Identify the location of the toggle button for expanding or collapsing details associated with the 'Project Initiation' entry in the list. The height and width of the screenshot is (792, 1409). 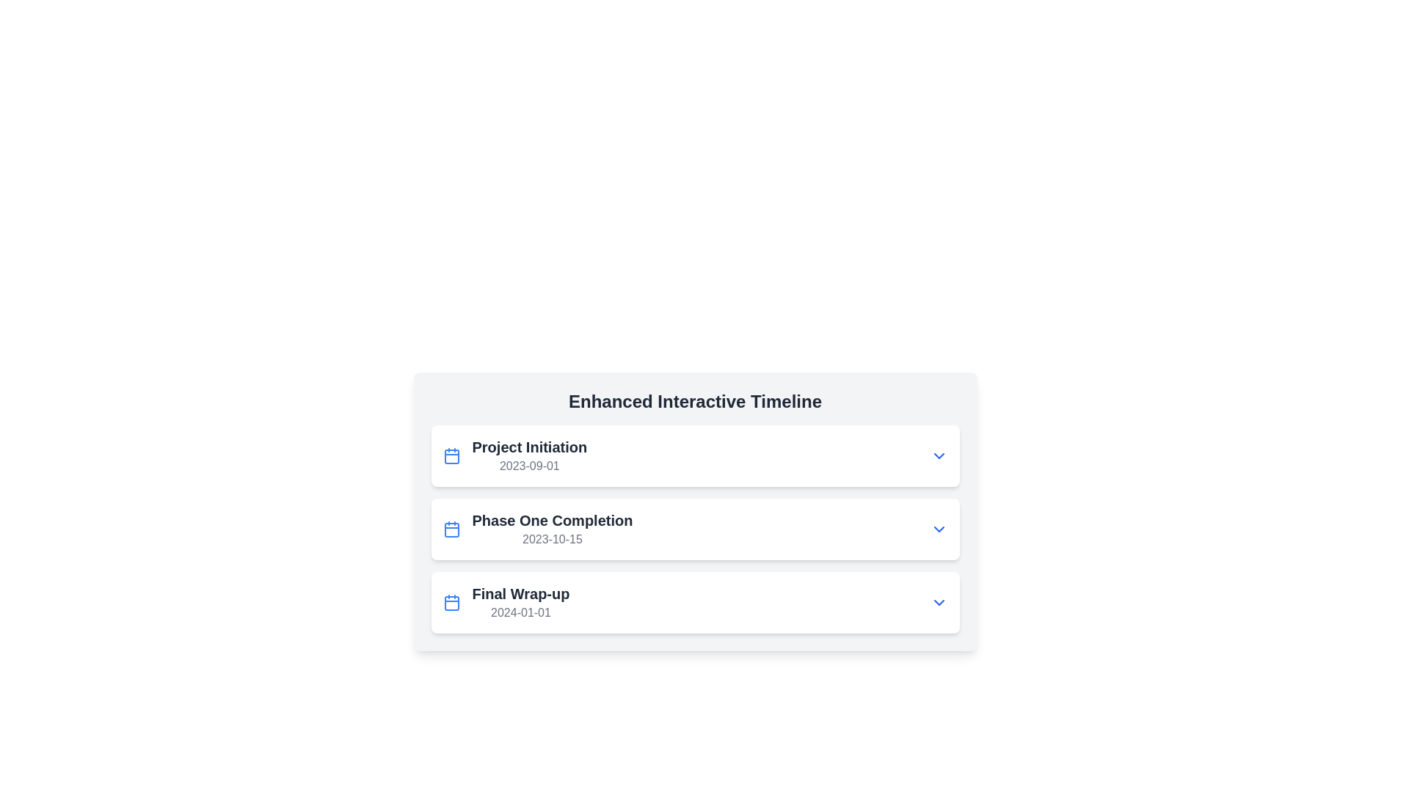
(938, 455).